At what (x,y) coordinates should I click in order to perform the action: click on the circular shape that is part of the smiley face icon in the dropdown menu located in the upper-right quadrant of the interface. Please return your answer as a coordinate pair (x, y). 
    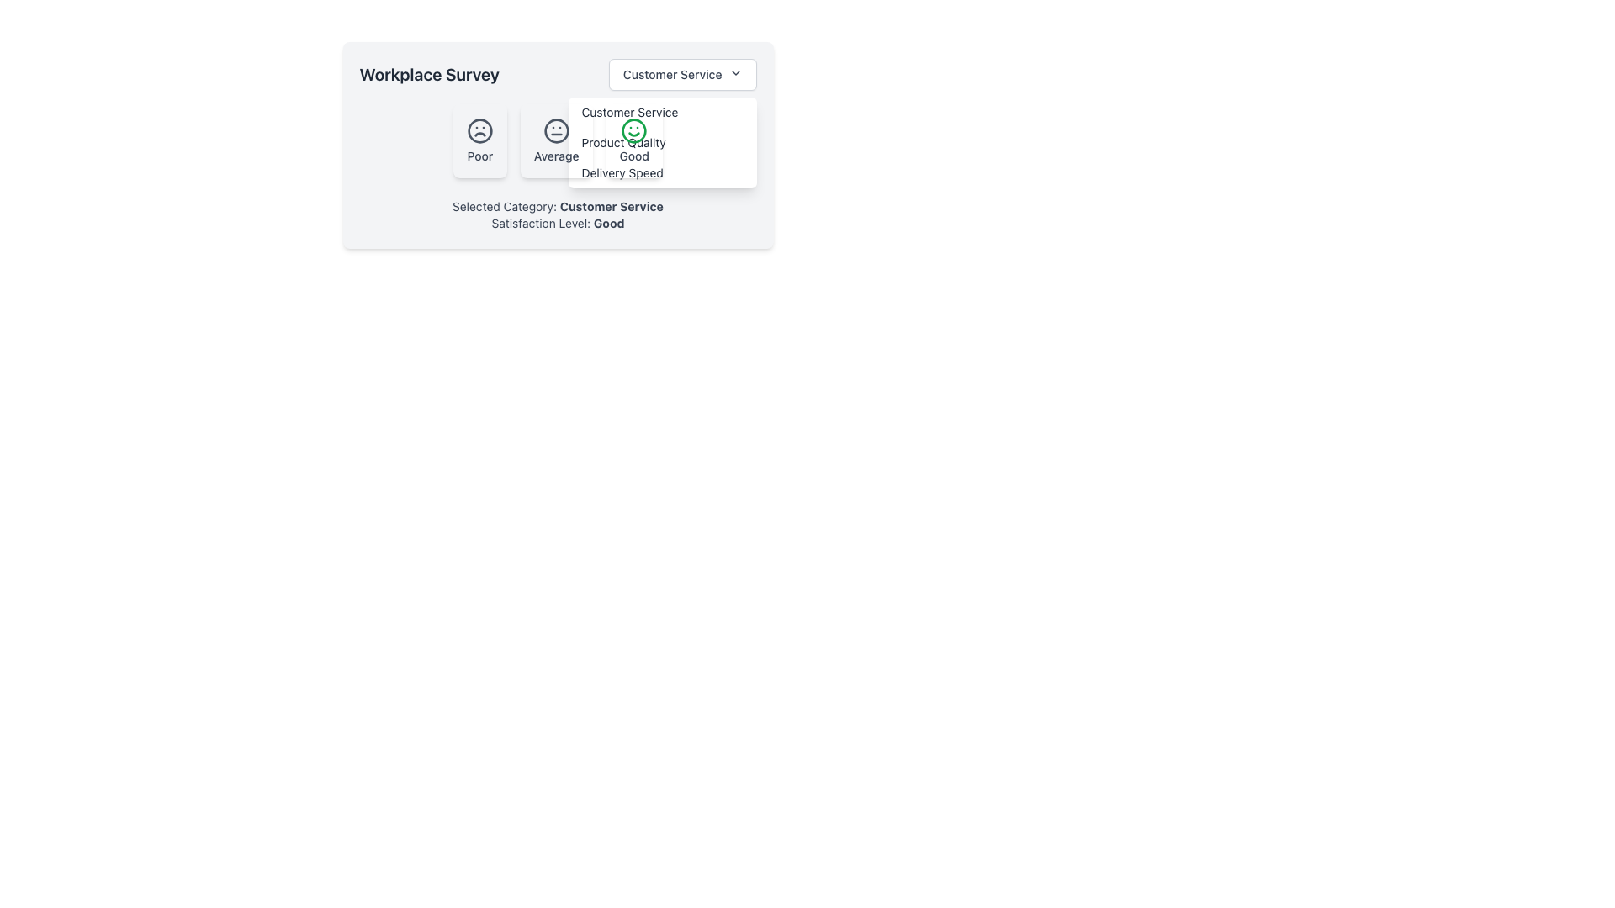
    Looking at the image, I should click on (633, 129).